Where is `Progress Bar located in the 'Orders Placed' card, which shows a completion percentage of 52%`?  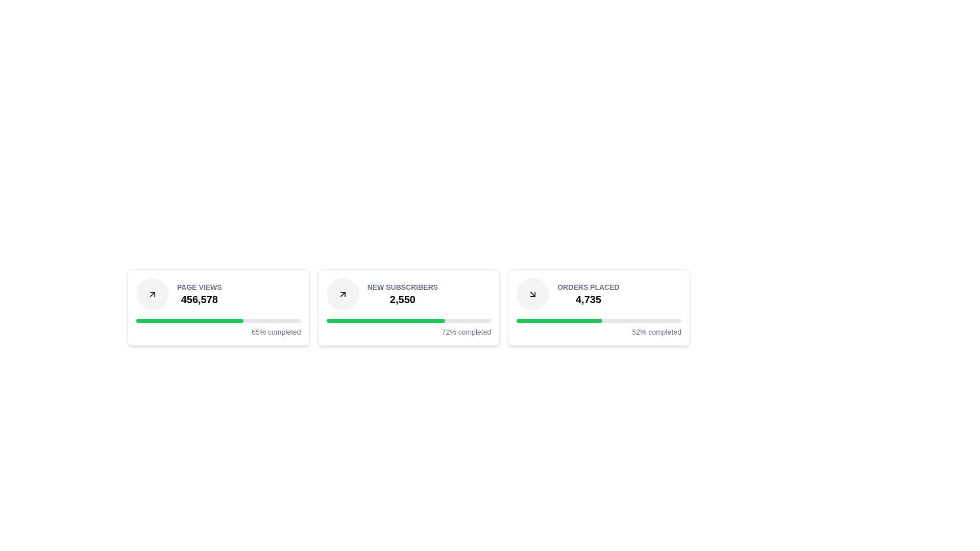
Progress Bar located in the 'Orders Placed' card, which shows a completion percentage of 52% is located at coordinates (599, 328).